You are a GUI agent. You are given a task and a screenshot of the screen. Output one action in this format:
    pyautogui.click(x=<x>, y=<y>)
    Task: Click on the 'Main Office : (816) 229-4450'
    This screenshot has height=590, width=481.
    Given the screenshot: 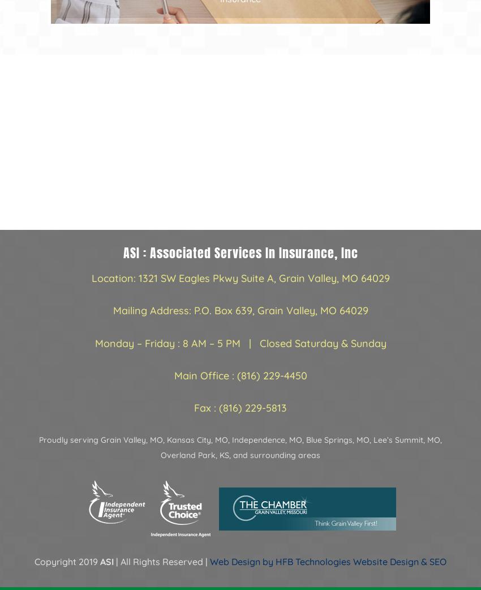 What is the action you would take?
    pyautogui.click(x=240, y=375)
    